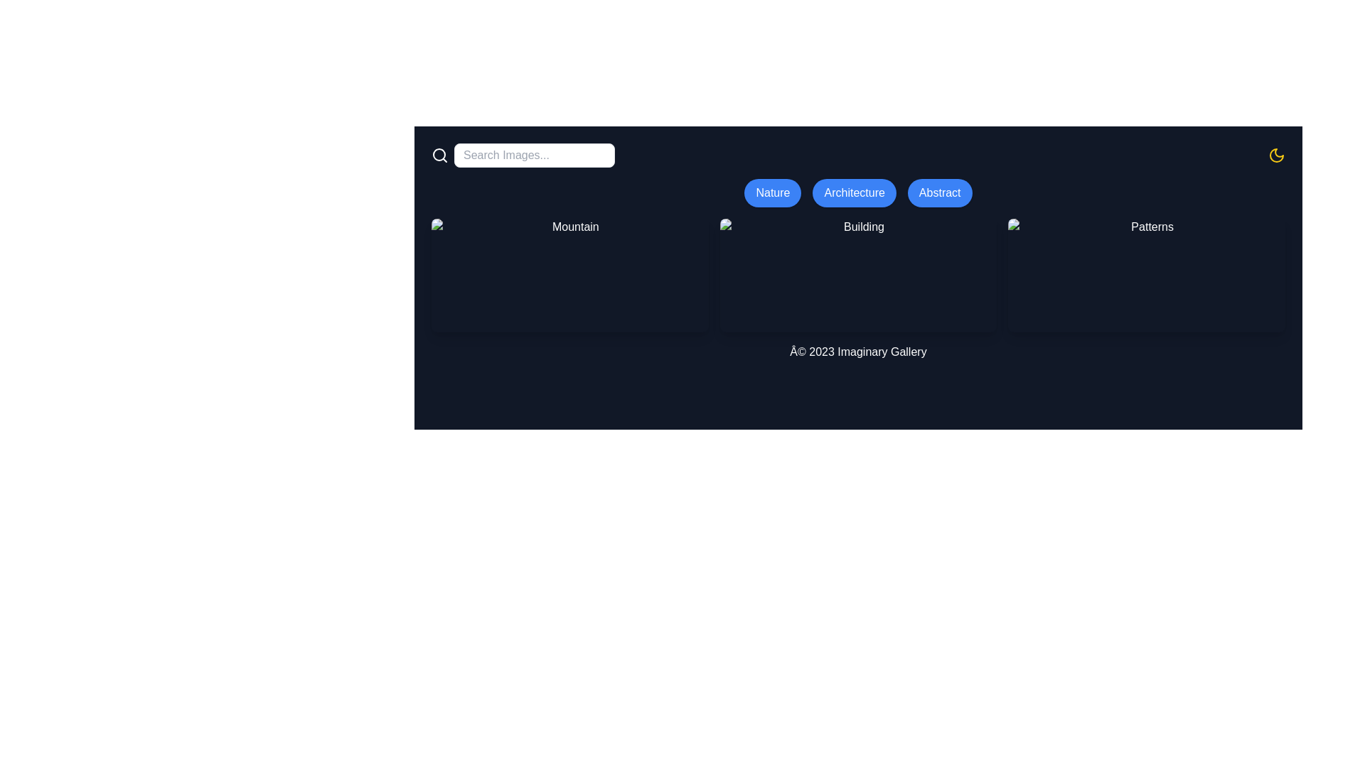  Describe the element at coordinates (439, 155) in the screenshot. I see `the circular part of the search icon located in the top-left corner of the interface` at that location.